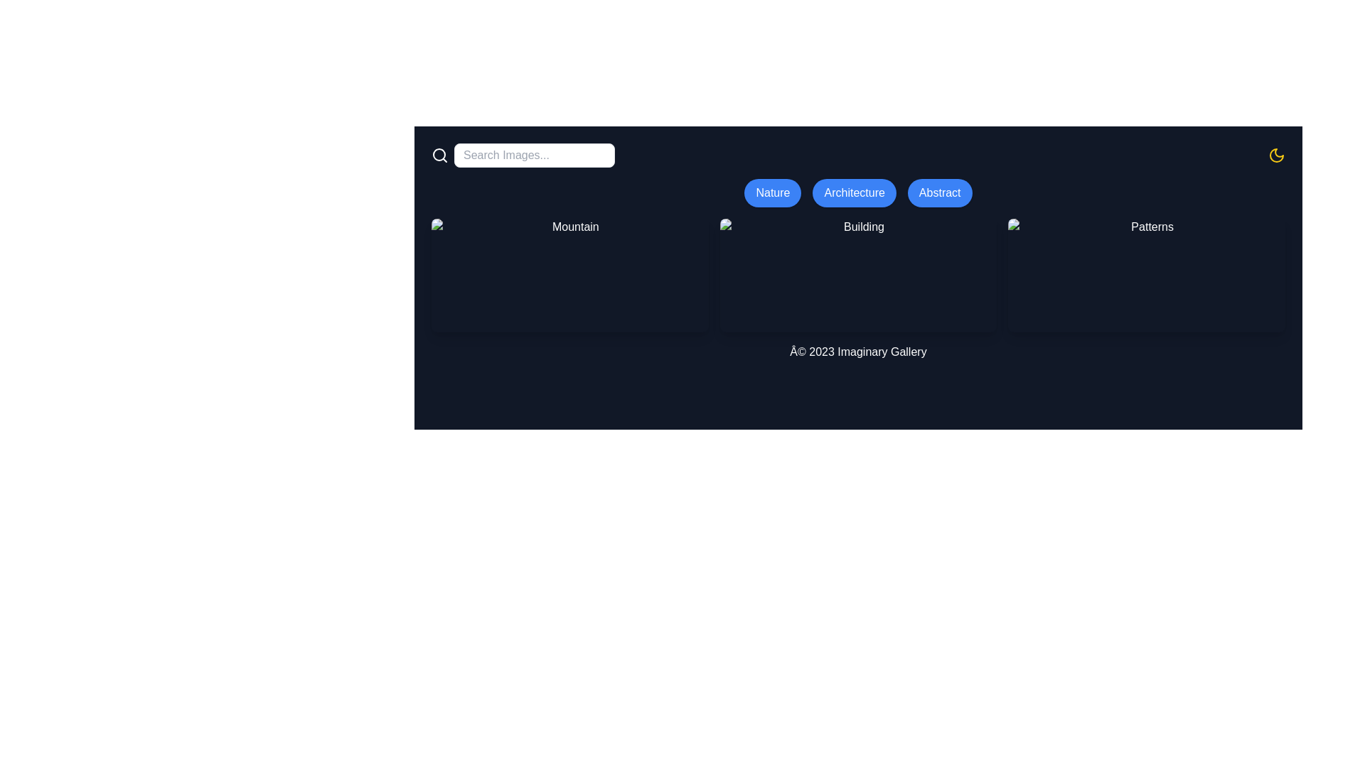  Describe the element at coordinates (439, 155) in the screenshot. I see `the circular part of the search icon located in the top-left corner of the interface` at that location.